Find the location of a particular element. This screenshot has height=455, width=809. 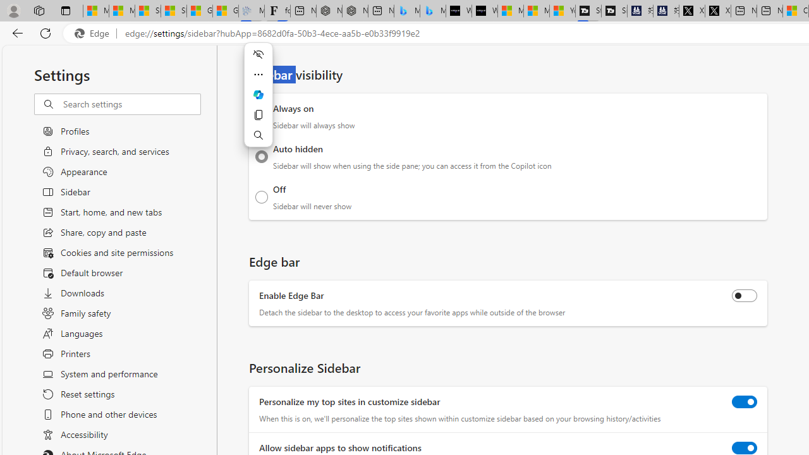

'Search settings' is located at coordinates (131, 104).